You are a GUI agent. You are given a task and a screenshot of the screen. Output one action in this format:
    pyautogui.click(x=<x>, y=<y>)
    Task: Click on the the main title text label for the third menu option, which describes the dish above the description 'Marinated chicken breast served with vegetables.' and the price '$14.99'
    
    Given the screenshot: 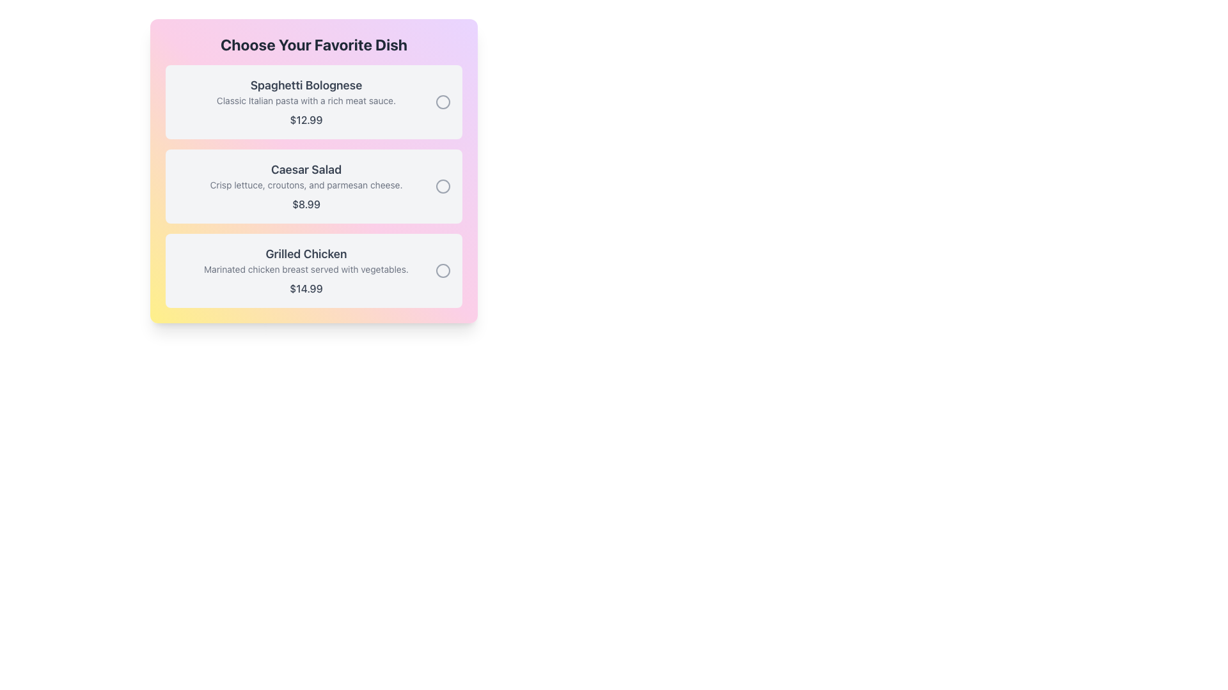 What is the action you would take?
    pyautogui.click(x=306, y=254)
    